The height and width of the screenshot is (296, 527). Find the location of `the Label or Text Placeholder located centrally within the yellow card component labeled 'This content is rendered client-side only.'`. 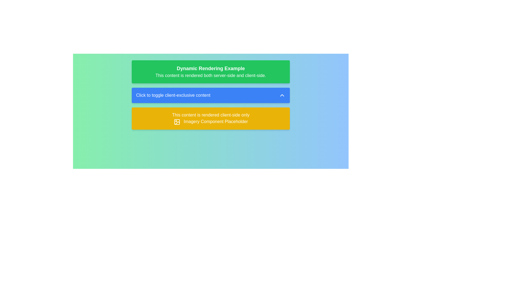

the Label or Text Placeholder located centrally within the yellow card component labeled 'This content is rendered client-side only.' is located at coordinates (215, 121).